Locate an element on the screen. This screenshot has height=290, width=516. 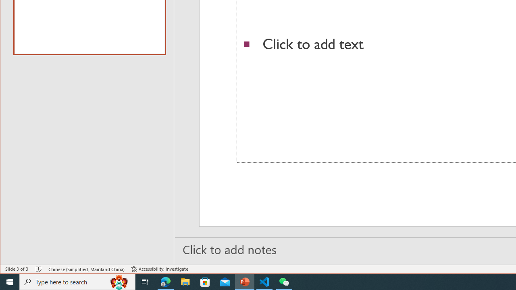
'WeChat - 1 running window' is located at coordinates (284, 281).